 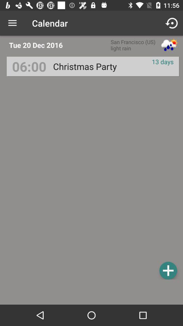 I want to click on the icon next to 06:00 icon, so click(x=85, y=66).